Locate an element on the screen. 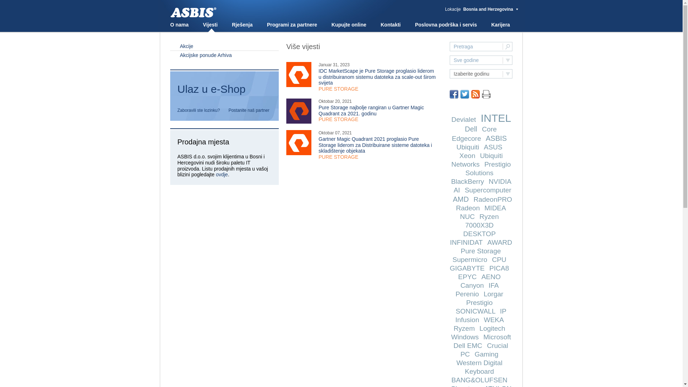  'Kupujte online' is located at coordinates (331, 24).